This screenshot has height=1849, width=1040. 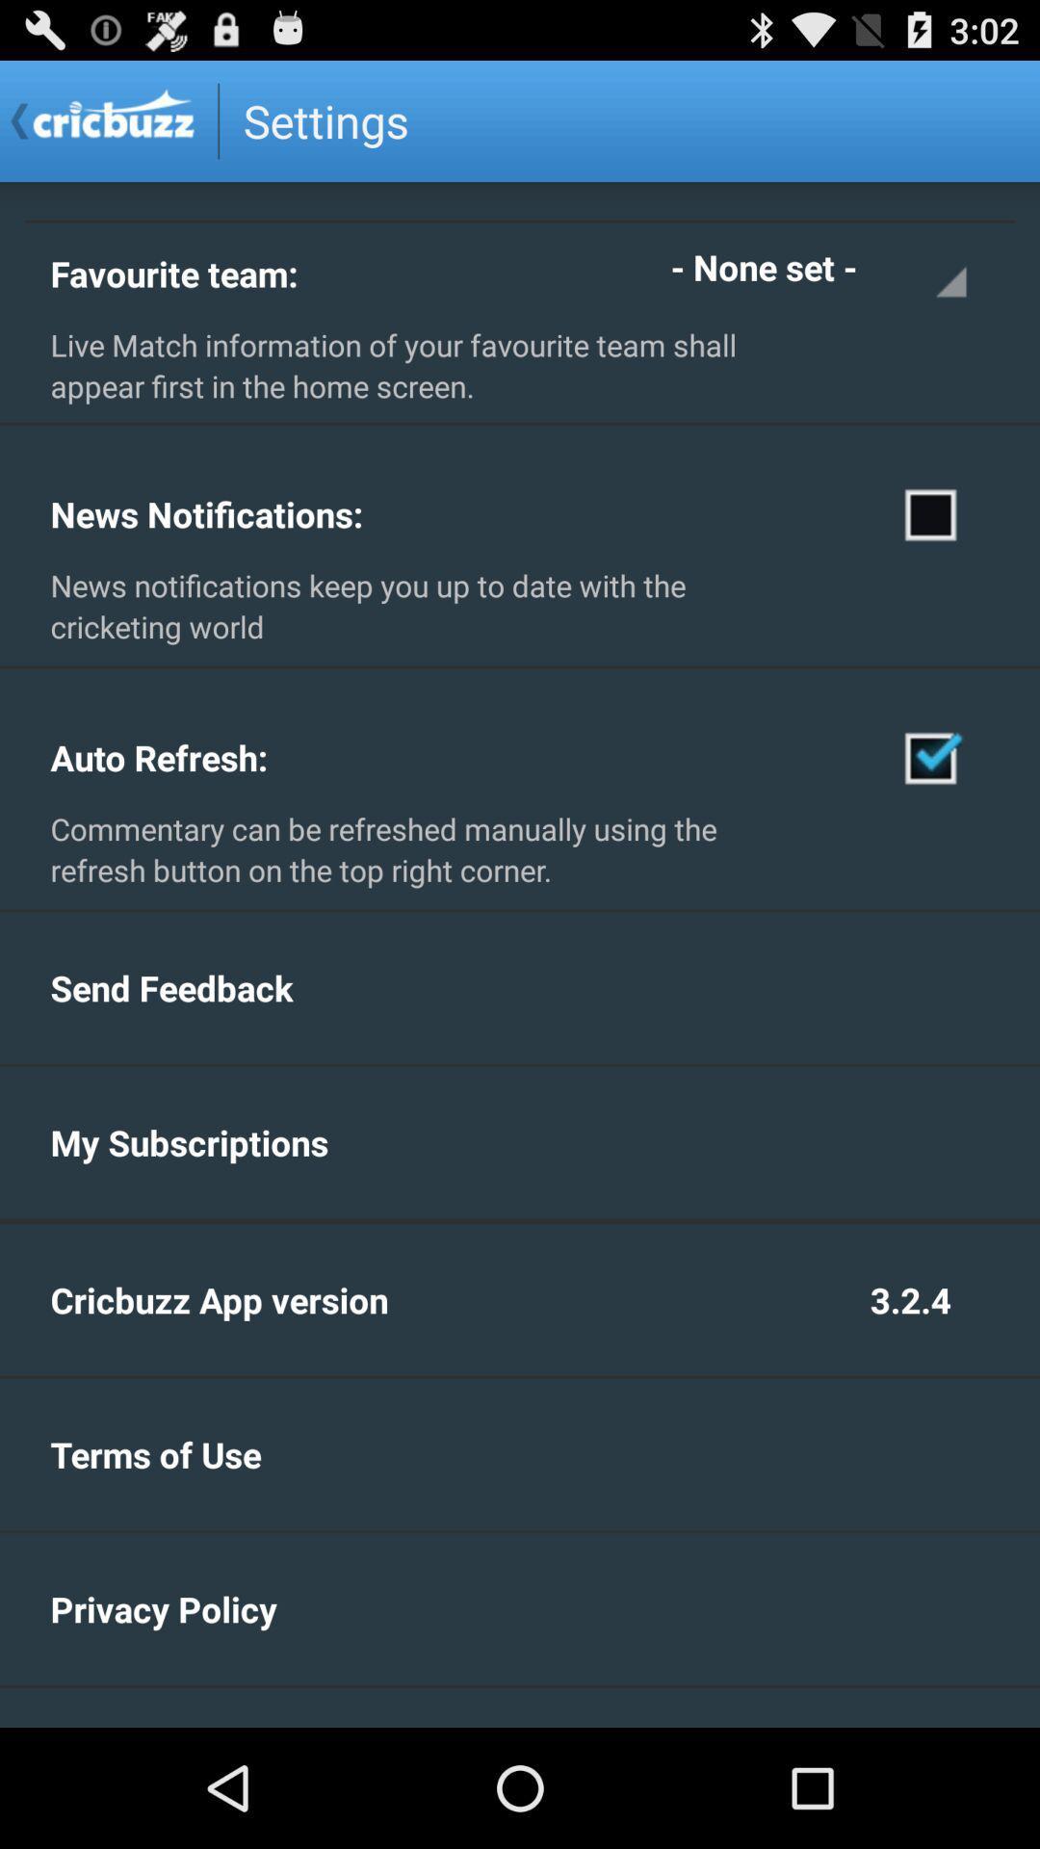 I want to click on check 'auto refresh, so click(x=930, y=756).